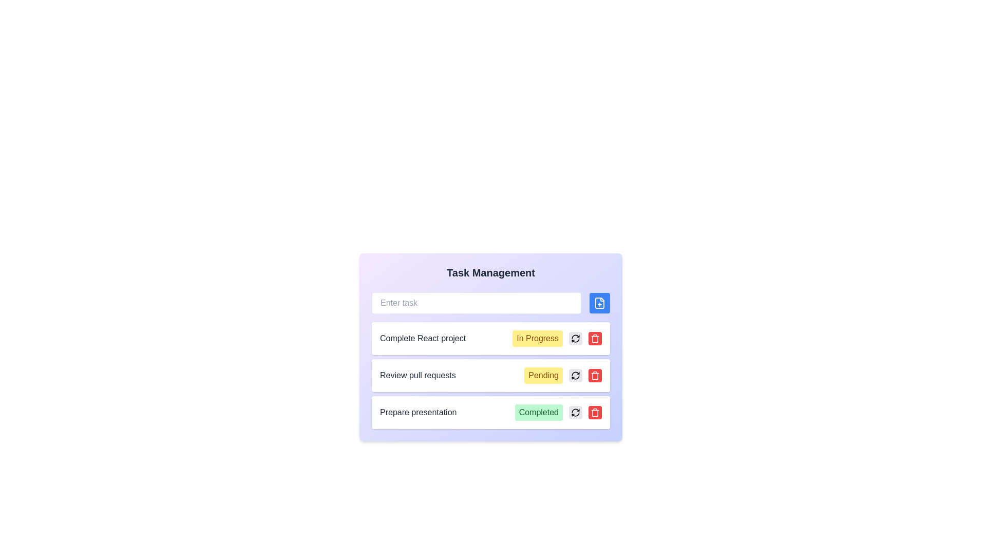  What do you see at coordinates (543, 376) in the screenshot?
I see `the 'Pending' label with rounded corners, which is located in the middle task row labeled 'Review pull requests', positioned to the right of the row's main text and left of two icons` at bounding box center [543, 376].